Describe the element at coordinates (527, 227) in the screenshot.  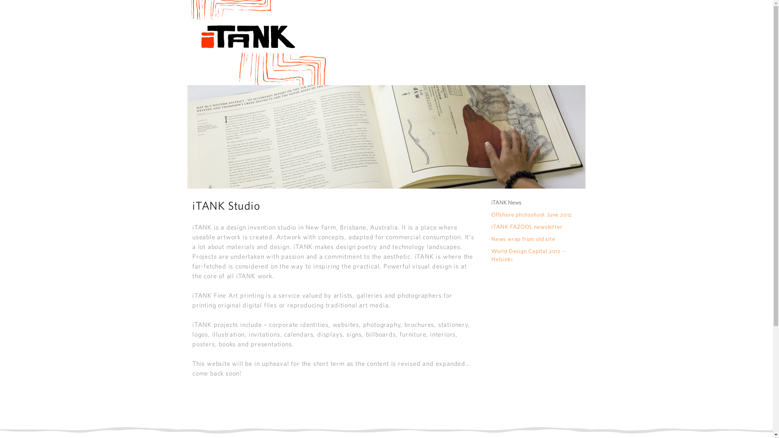
I see `'iTANK FAZOOL newsletter'` at that location.